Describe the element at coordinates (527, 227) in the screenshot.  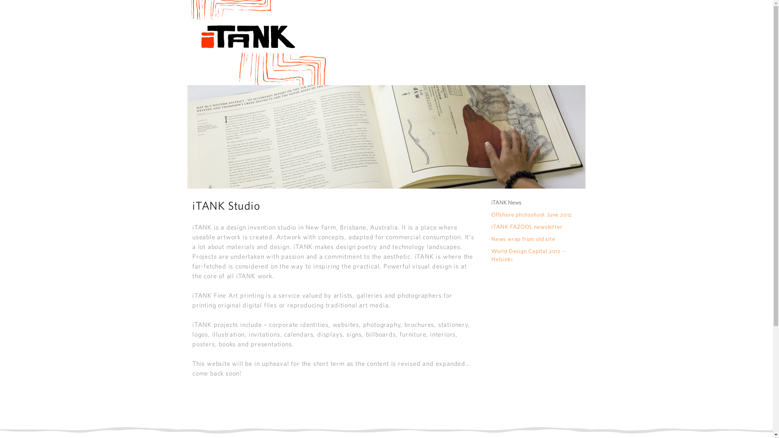
I see `'iTANK FAZOOL newsletter'` at that location.